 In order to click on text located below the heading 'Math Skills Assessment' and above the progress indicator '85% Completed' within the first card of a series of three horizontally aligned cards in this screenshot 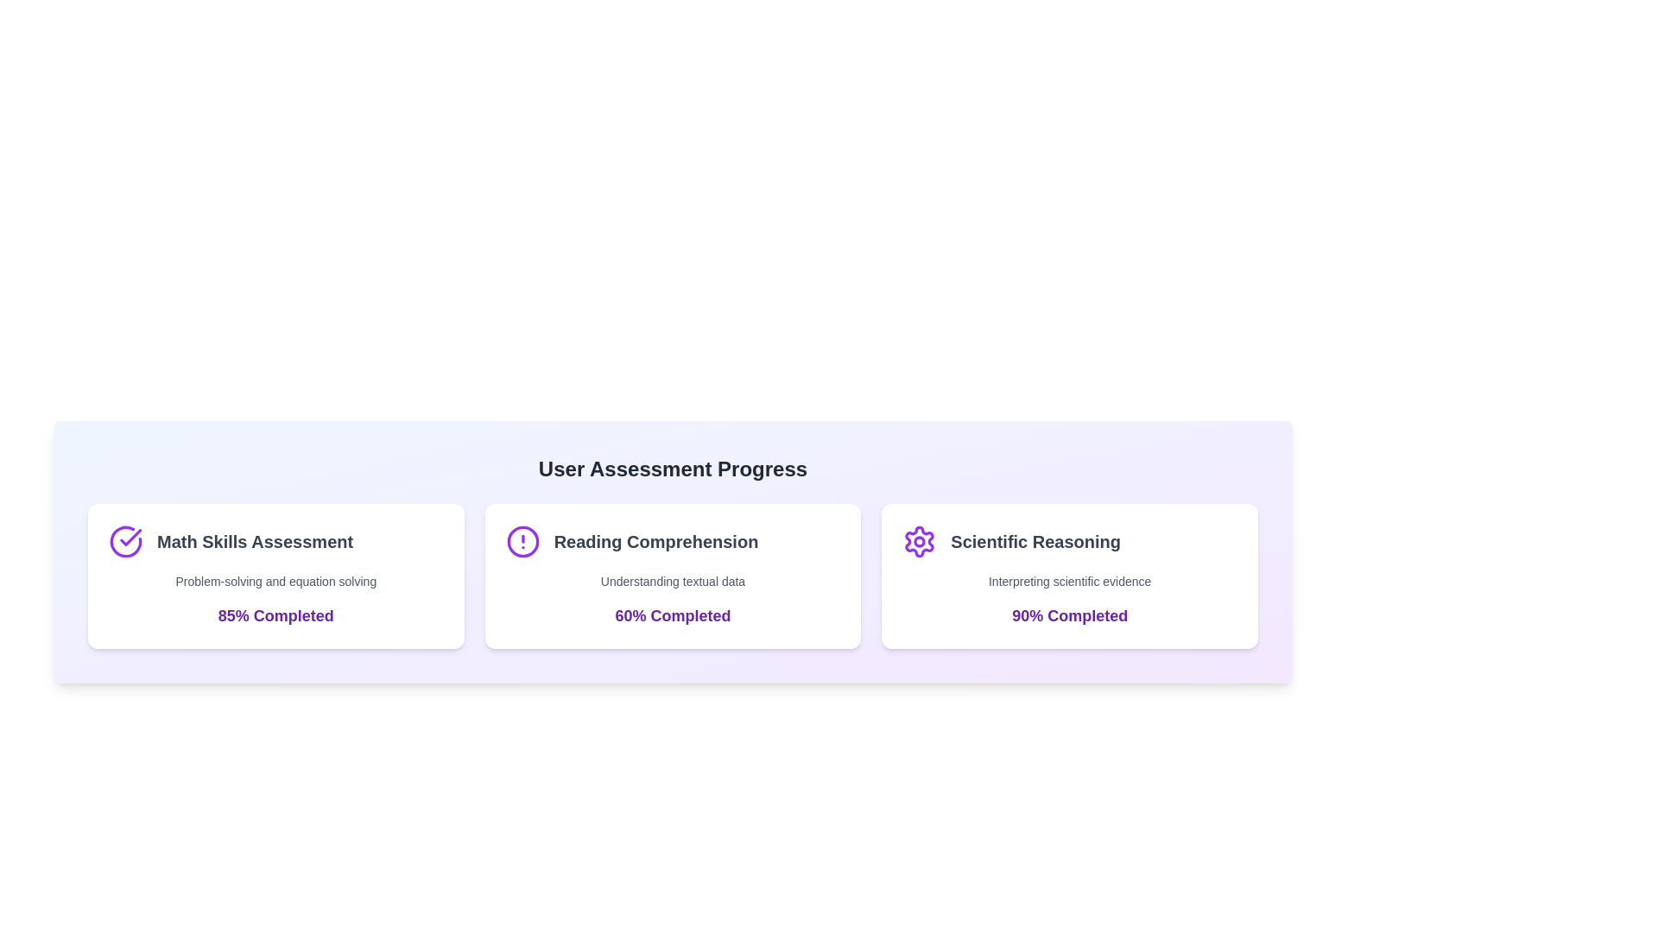, I will do `click(275, 582)`.